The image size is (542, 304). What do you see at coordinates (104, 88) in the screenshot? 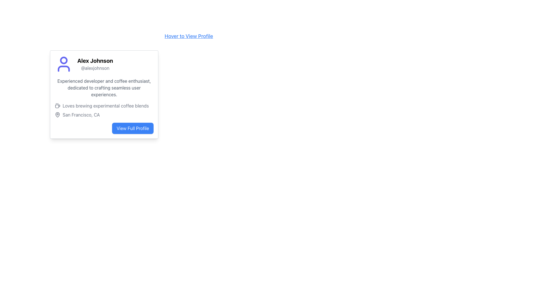
I see `the text content that provides a brief personal description of the user, located beneath 'Alex Johnson' and '@alexjohnson'` at bounding box center [104, 88].